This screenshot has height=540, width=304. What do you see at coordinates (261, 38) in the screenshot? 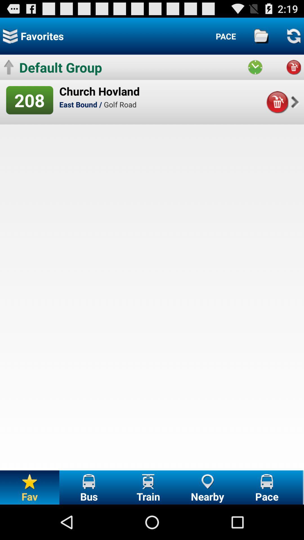
I see `the folder icon` at bounding box center [261, 38].